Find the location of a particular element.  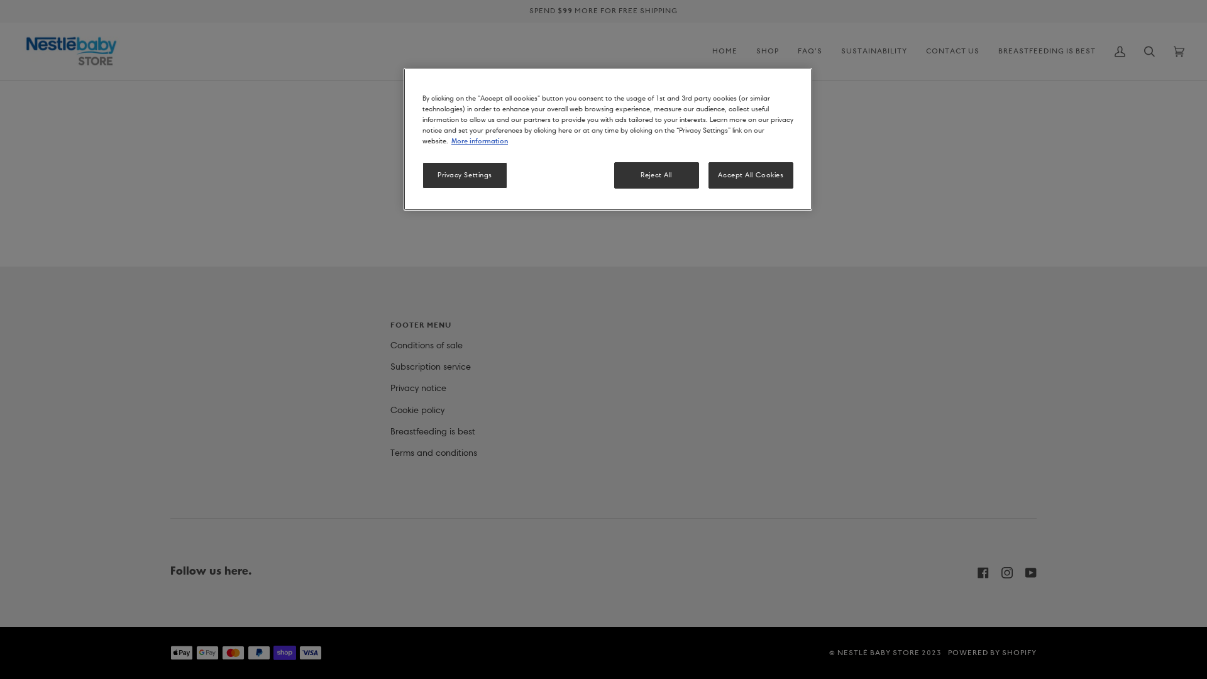

'Terms and conditions' is located at coordinates (433, 453).